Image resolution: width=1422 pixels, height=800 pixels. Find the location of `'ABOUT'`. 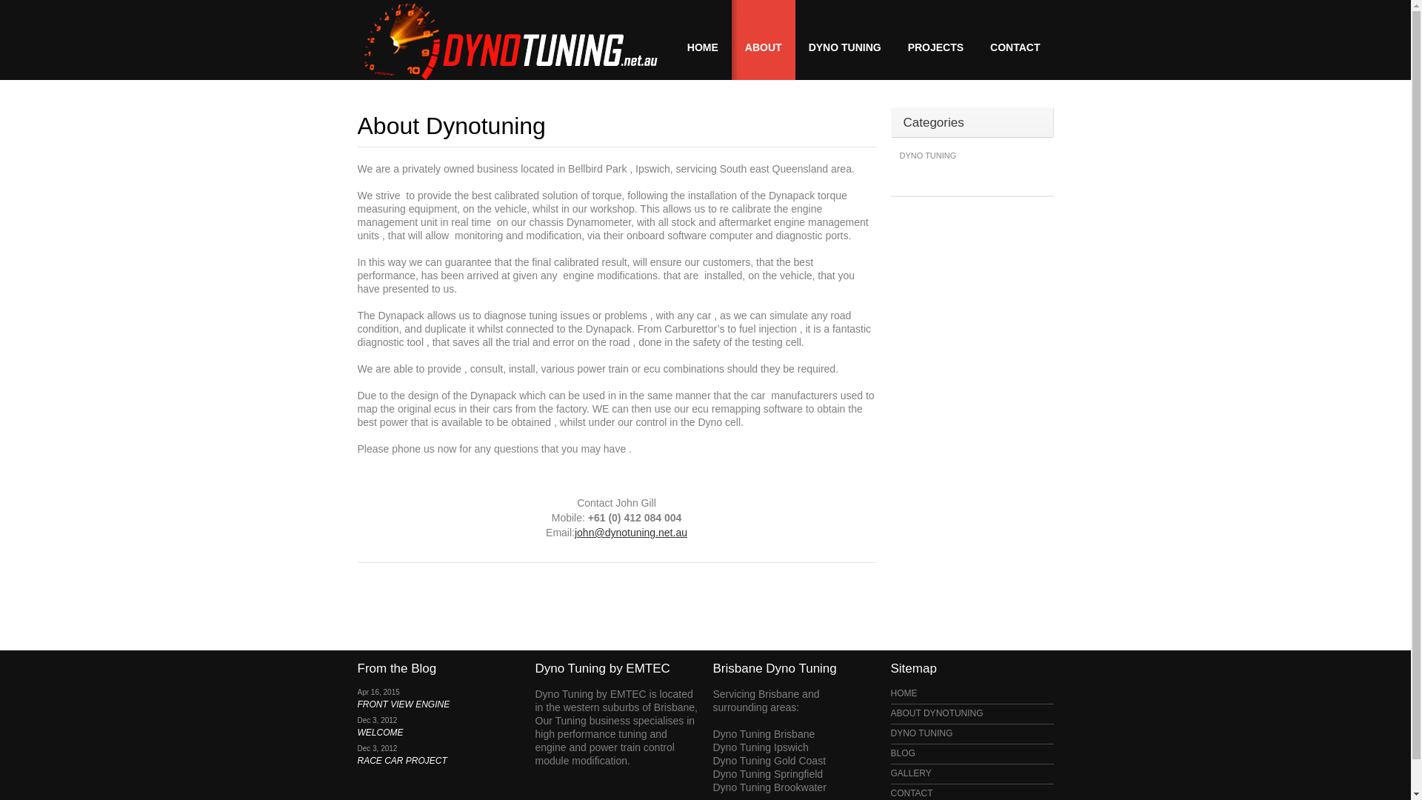

'ABOUT' is located at coordinates (764, 39).